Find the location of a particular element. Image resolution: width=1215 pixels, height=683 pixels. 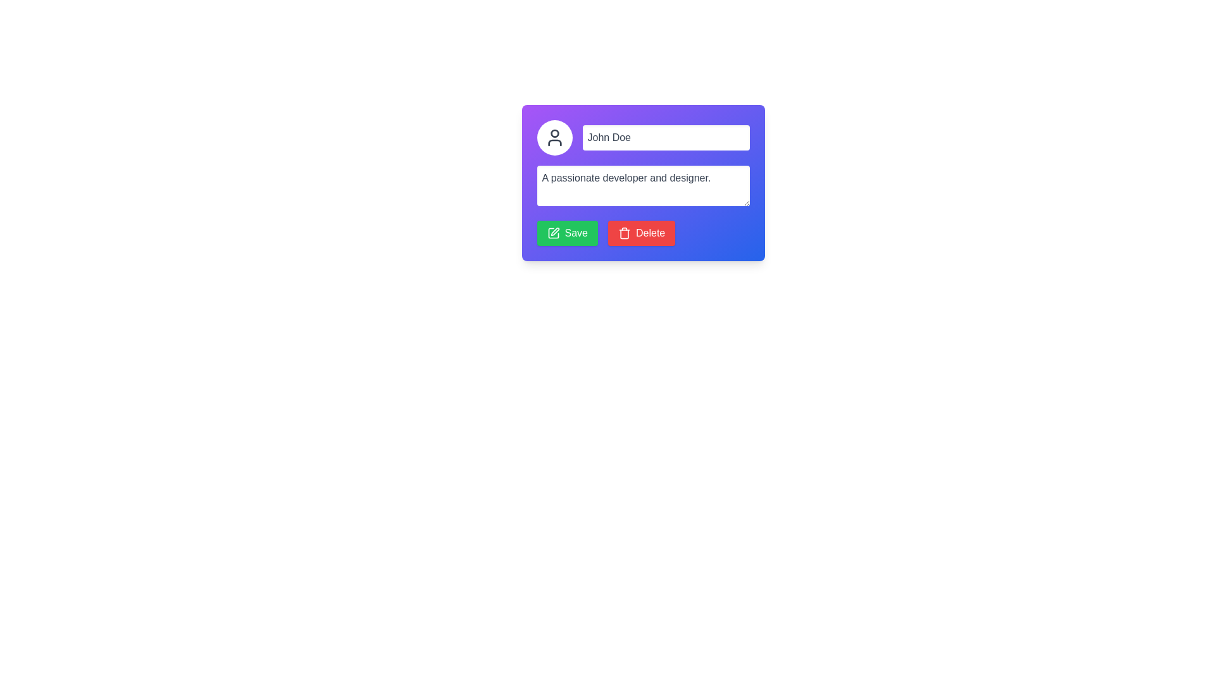

the trash icon part of the Delete button, which visually represents the removal of data is located at coordinates (624, 234).